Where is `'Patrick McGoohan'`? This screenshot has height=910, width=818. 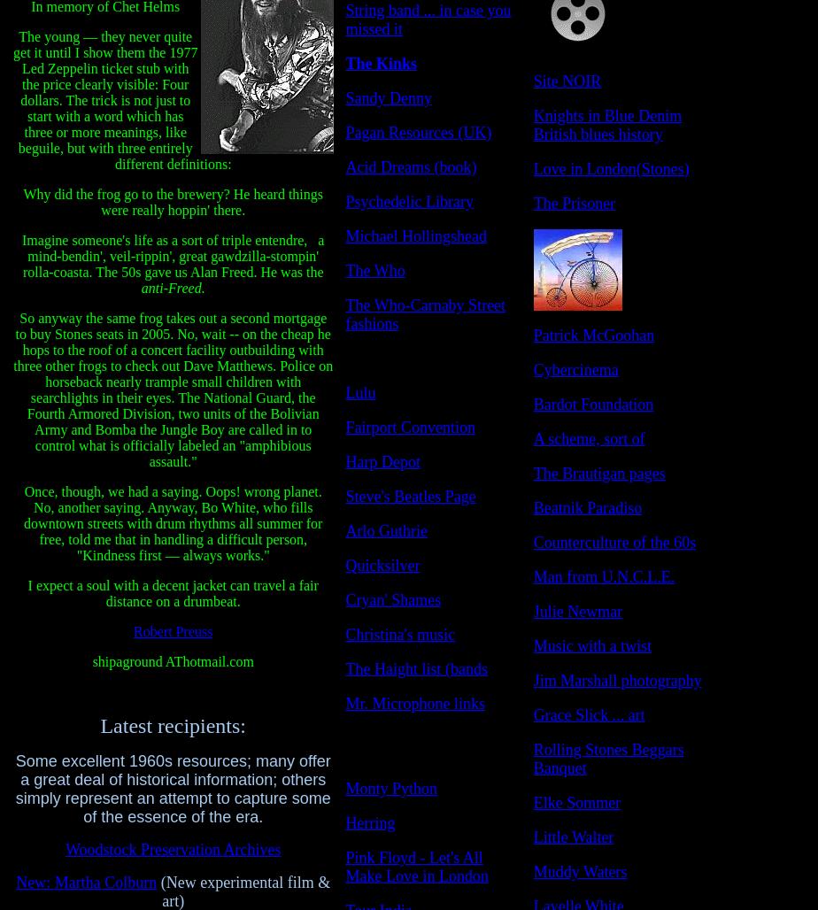 'Patrick McGoohan' is located at coordinates (532, 335).